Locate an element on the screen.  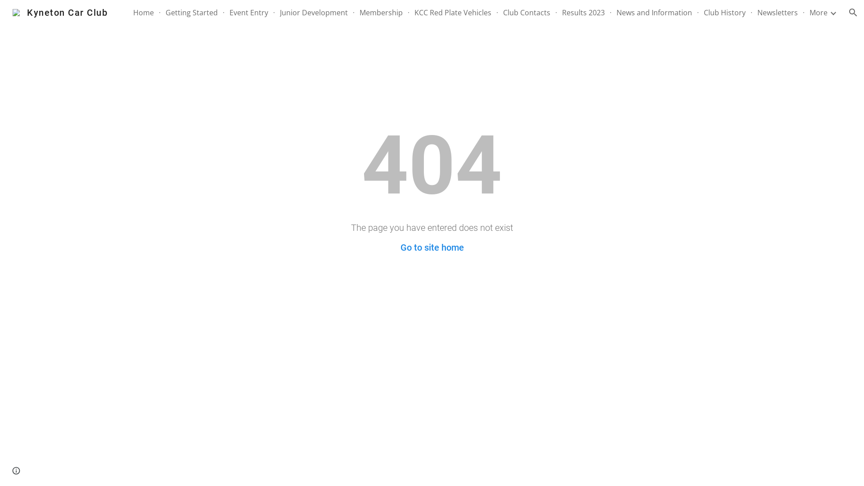
'Home' is located at coordinates (143, 12).